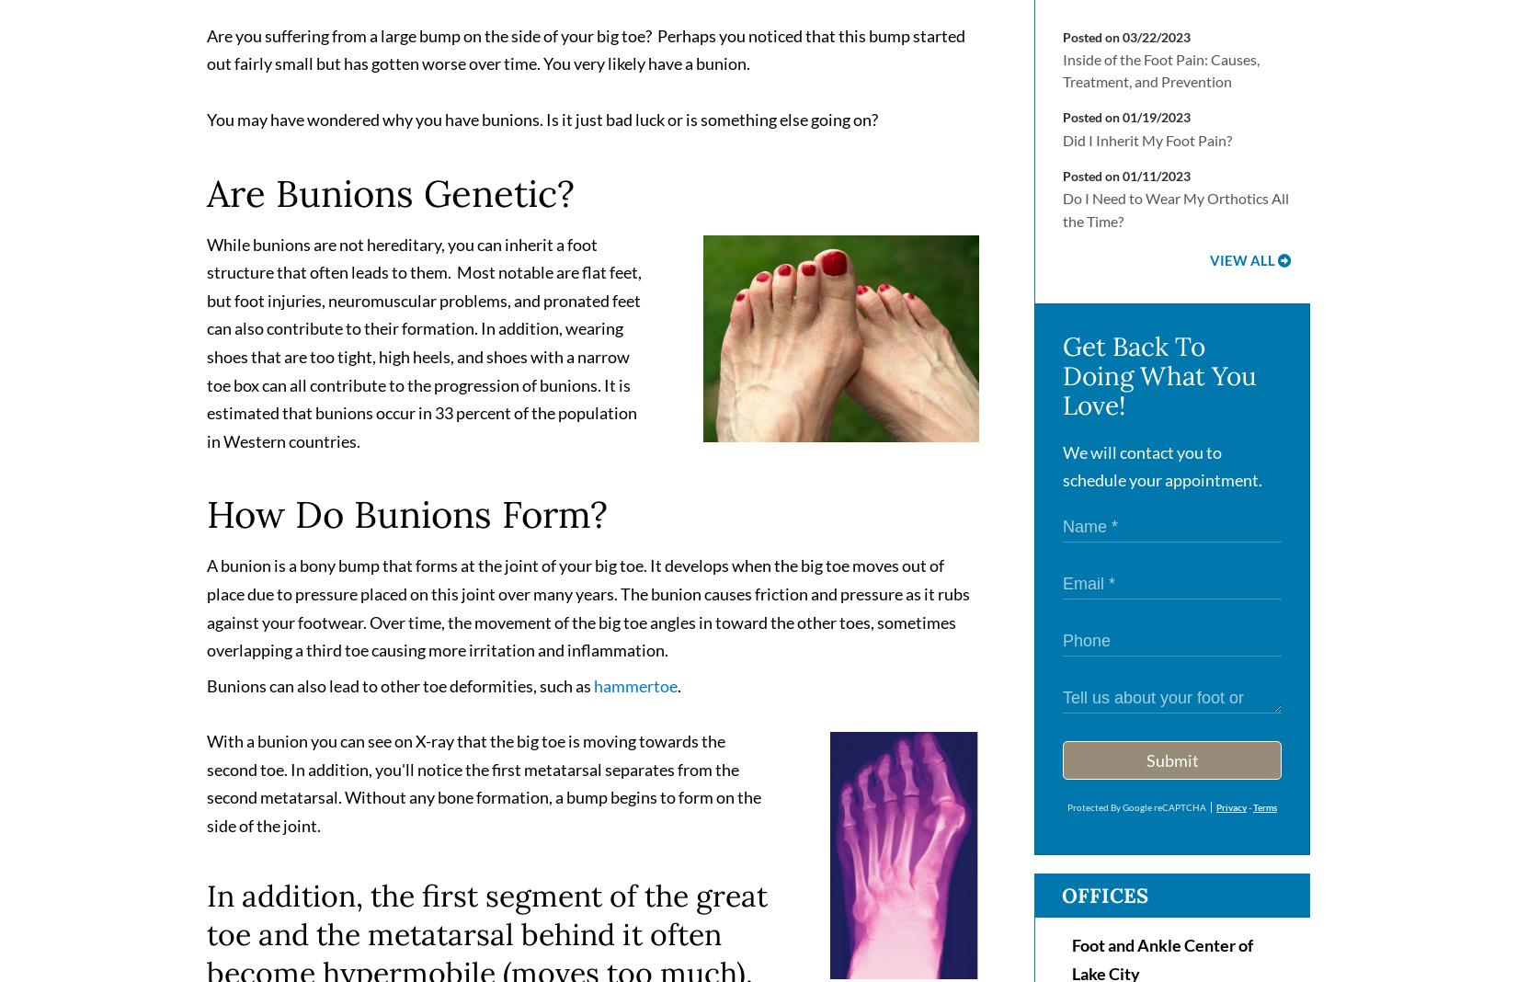  Describe the element at coordinates (1170, 766) in the screenshot. I see `'Submit'` at that location.